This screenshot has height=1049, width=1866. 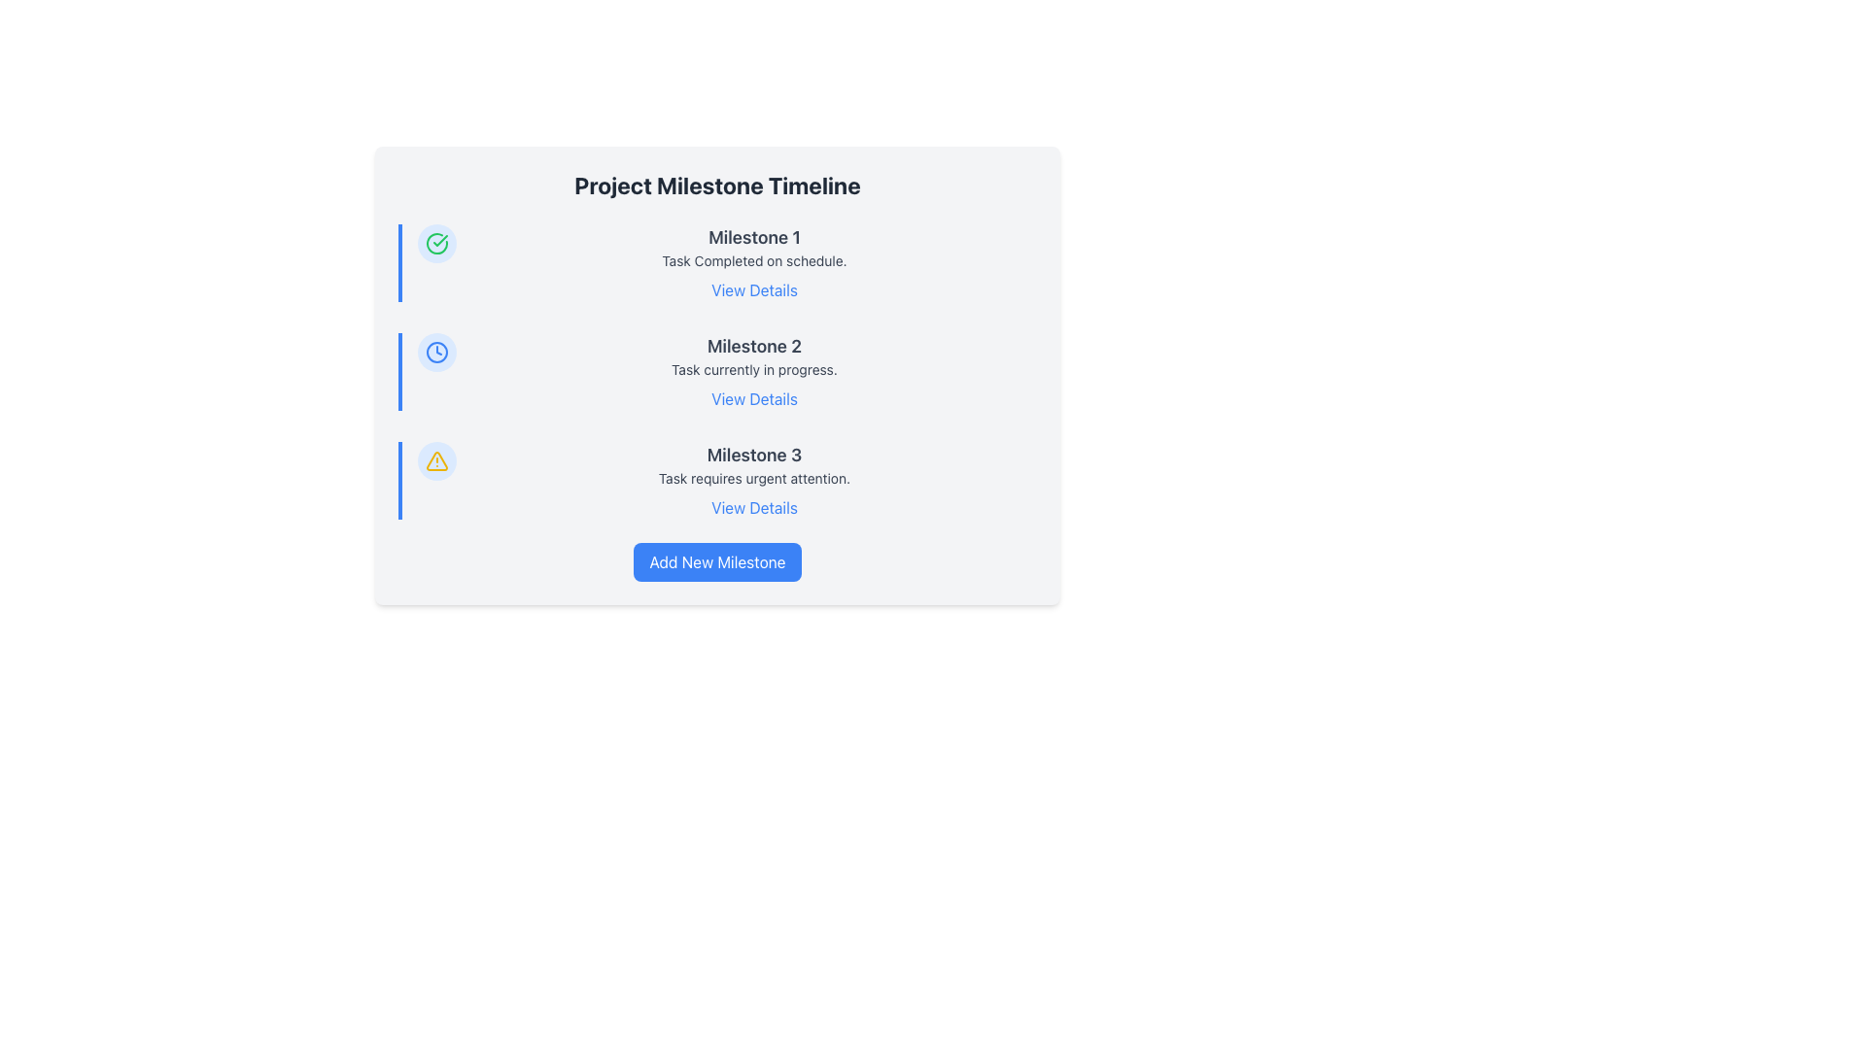 What do you see at coordinates (753, 370) in the screenshot?
I see `the Text Label that provides descriptive context or status for 'Milestone 2', which is positioned below the heading and above the 'View Details' link` at bounding box center [753, 370].